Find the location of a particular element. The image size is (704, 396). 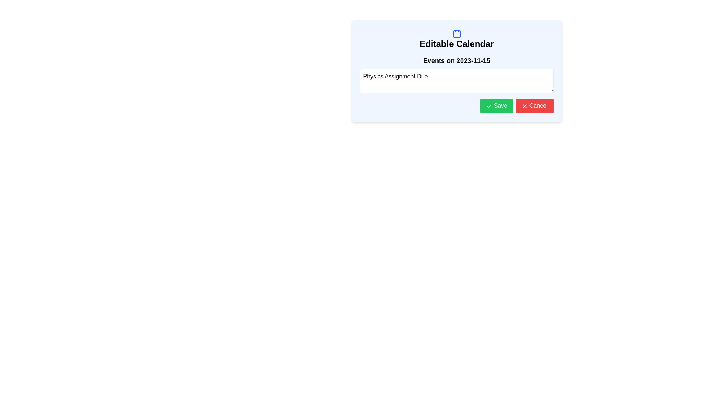

the bold, large-sized static text displaying 'Editable Calendar' which is centrally aligned within a light blue background, positioned beneath a calendar icon is located at coordinates (456, 44).